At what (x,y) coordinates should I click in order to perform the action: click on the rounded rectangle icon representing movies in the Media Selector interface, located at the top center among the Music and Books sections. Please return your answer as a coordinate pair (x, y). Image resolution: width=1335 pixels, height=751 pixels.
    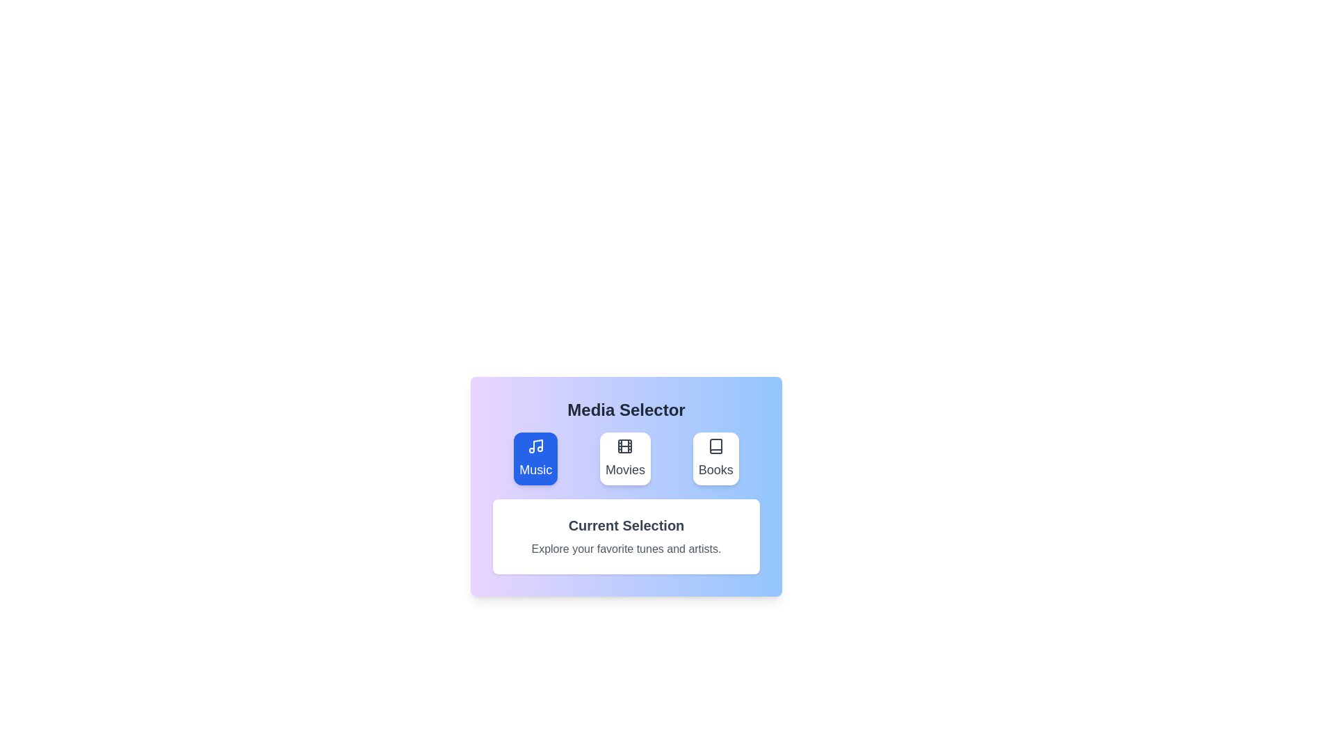
    Looking at the image, I should click on (624, 446).